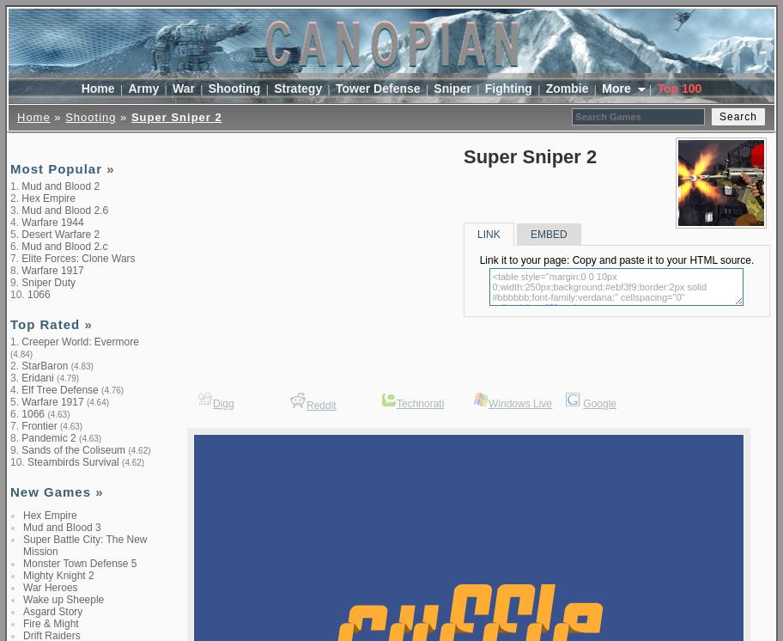  I want to click on 'Mud and Blood 2.c', so click(63, 245).